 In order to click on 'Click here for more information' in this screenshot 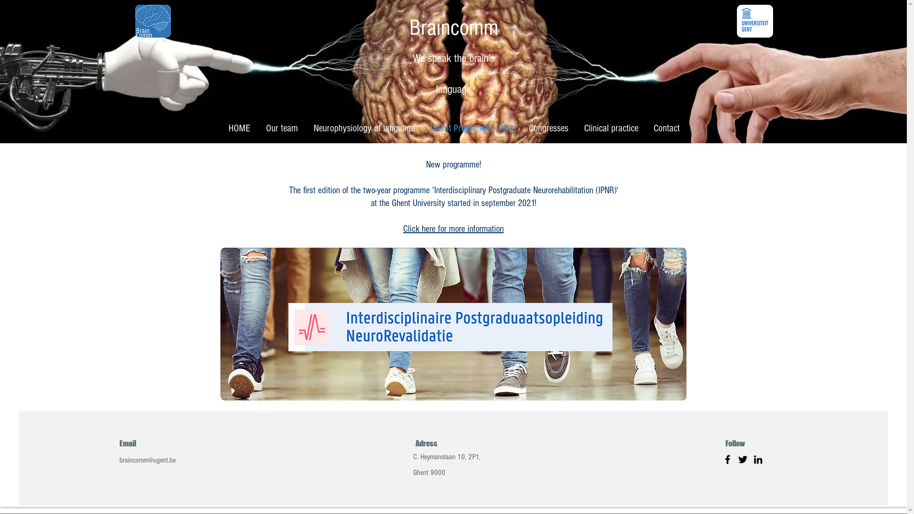, I will do `click(453, 228)`.